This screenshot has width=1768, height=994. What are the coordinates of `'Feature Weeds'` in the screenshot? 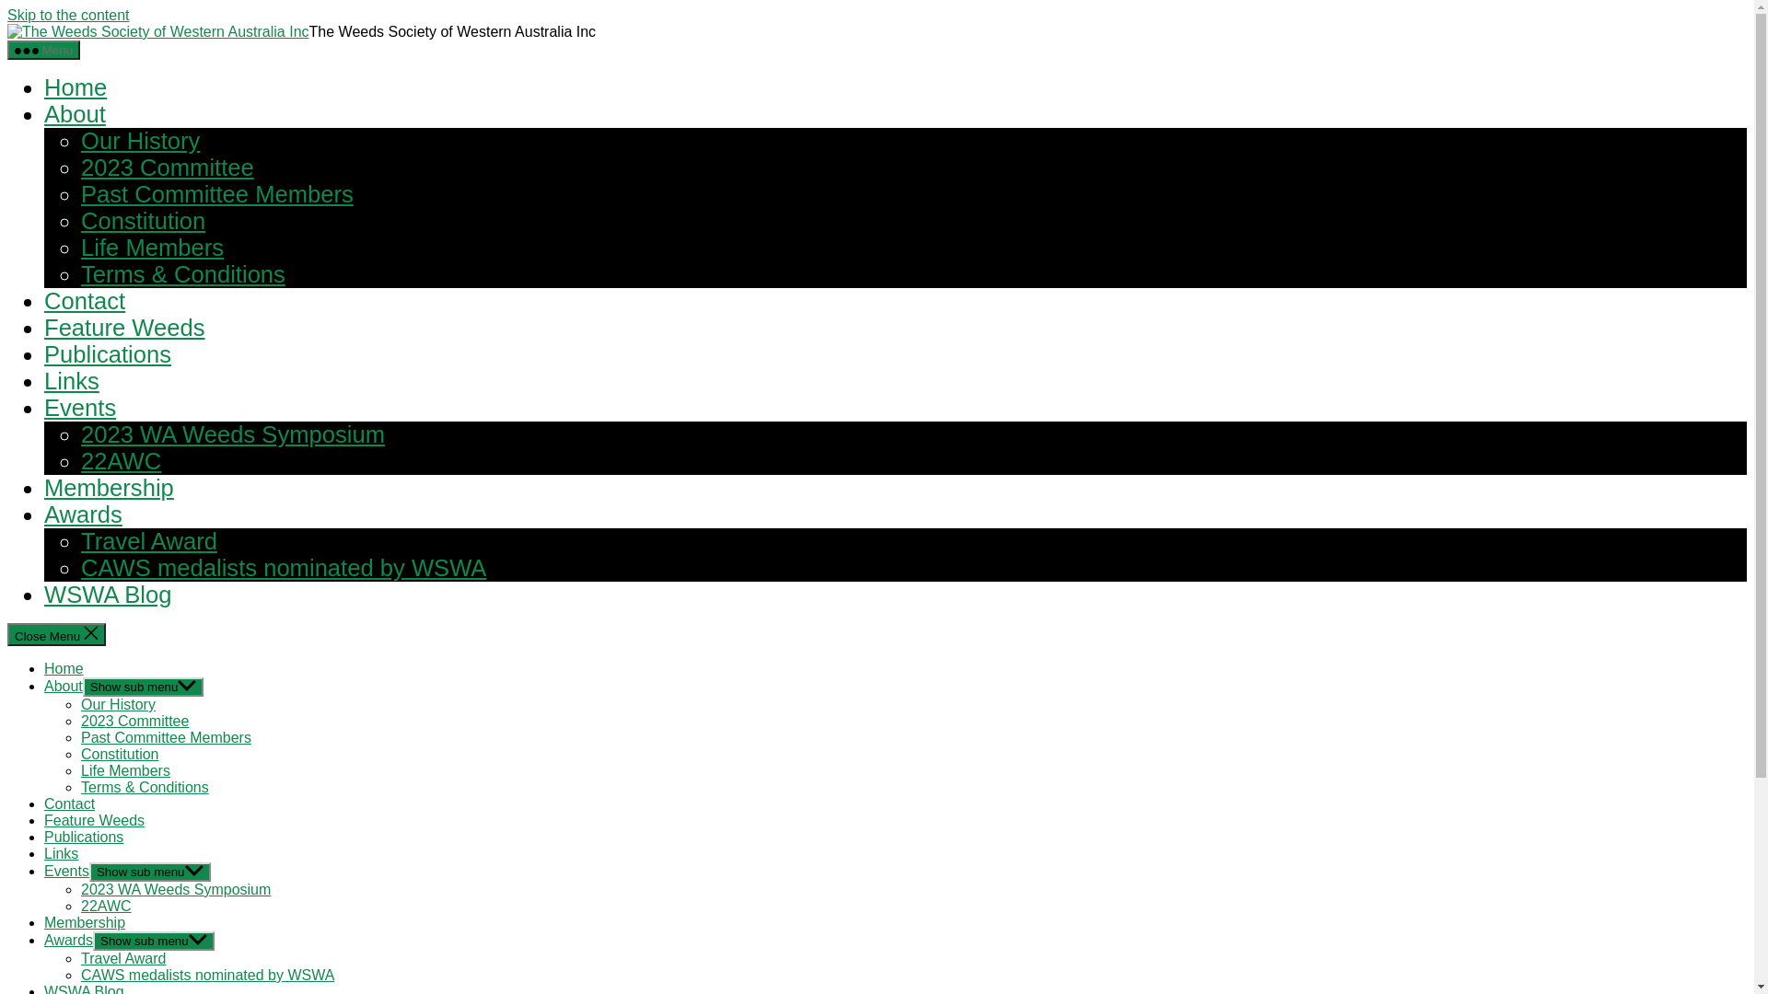 It's located at (123, 326).